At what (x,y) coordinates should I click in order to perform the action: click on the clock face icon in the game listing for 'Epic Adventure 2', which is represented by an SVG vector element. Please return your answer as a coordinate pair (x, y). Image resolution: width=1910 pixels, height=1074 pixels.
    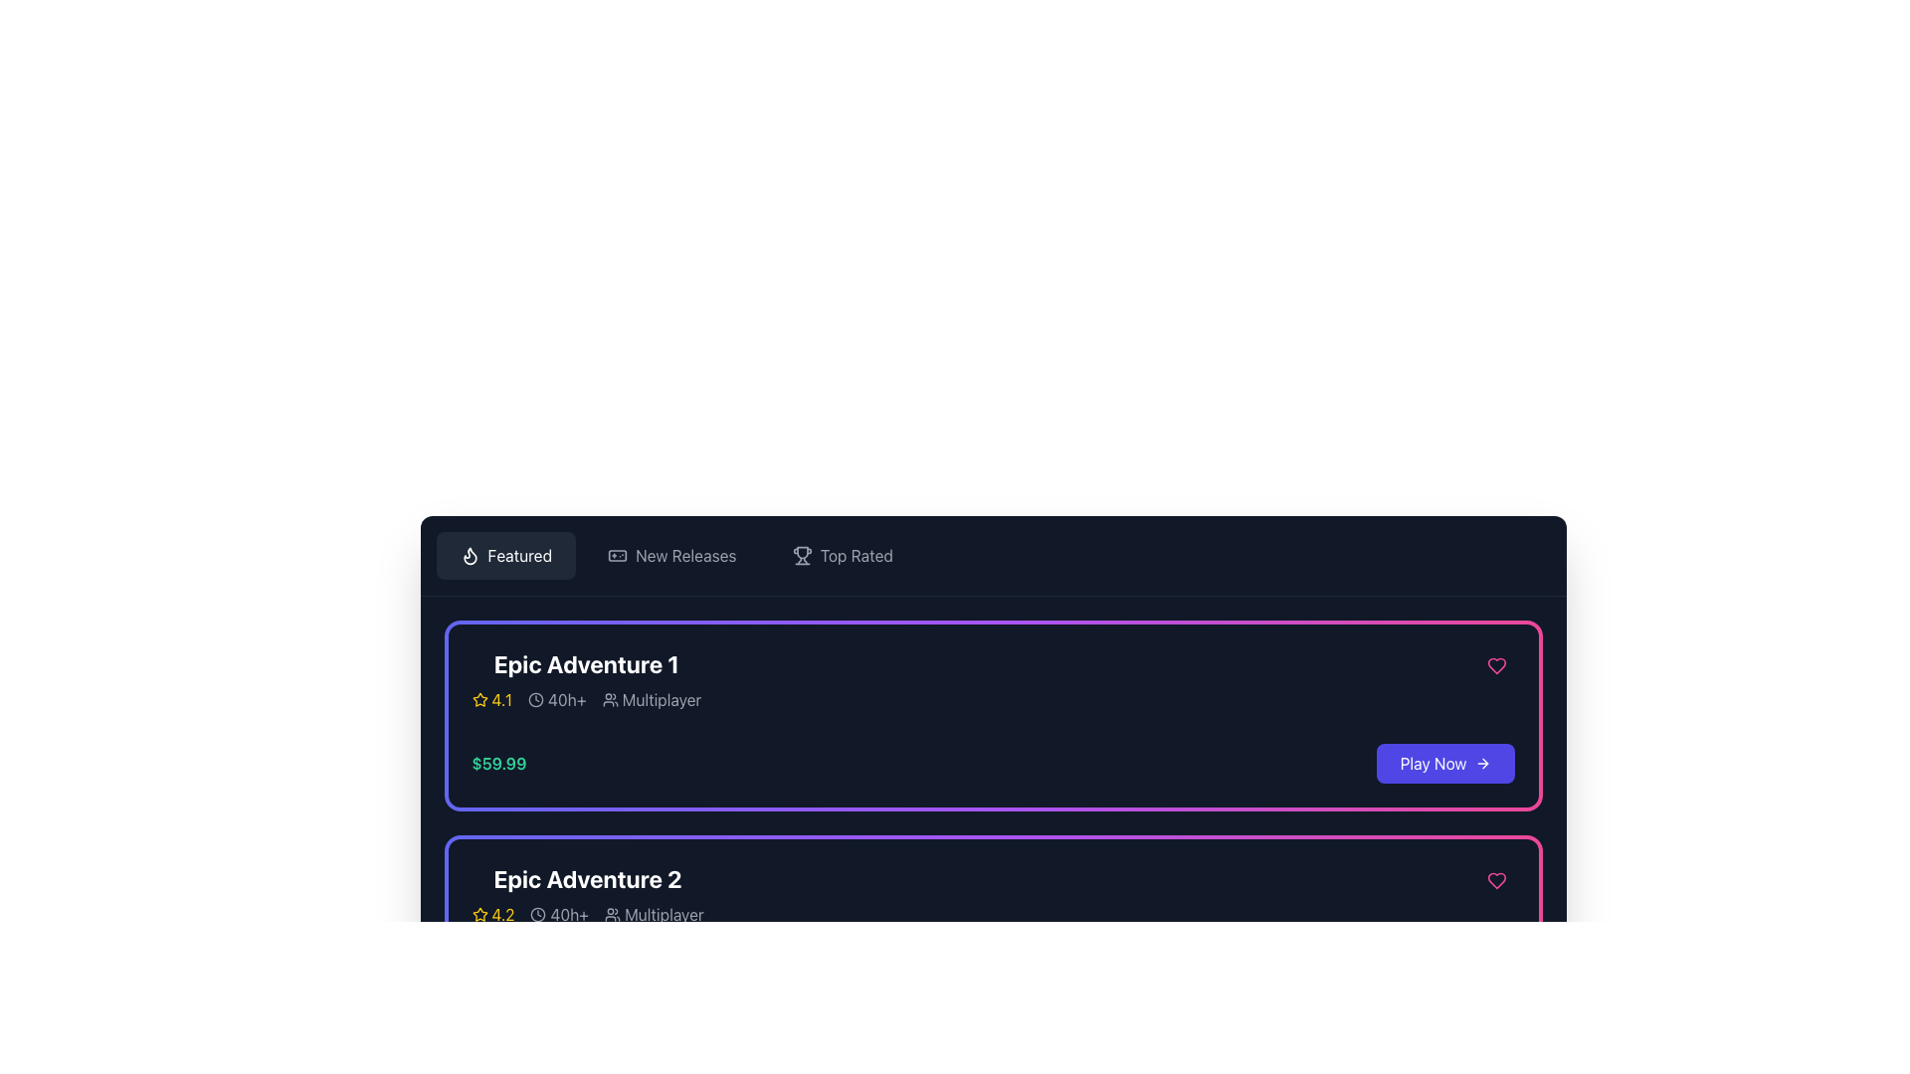
    Looking at the image, I should click on (538, 915).